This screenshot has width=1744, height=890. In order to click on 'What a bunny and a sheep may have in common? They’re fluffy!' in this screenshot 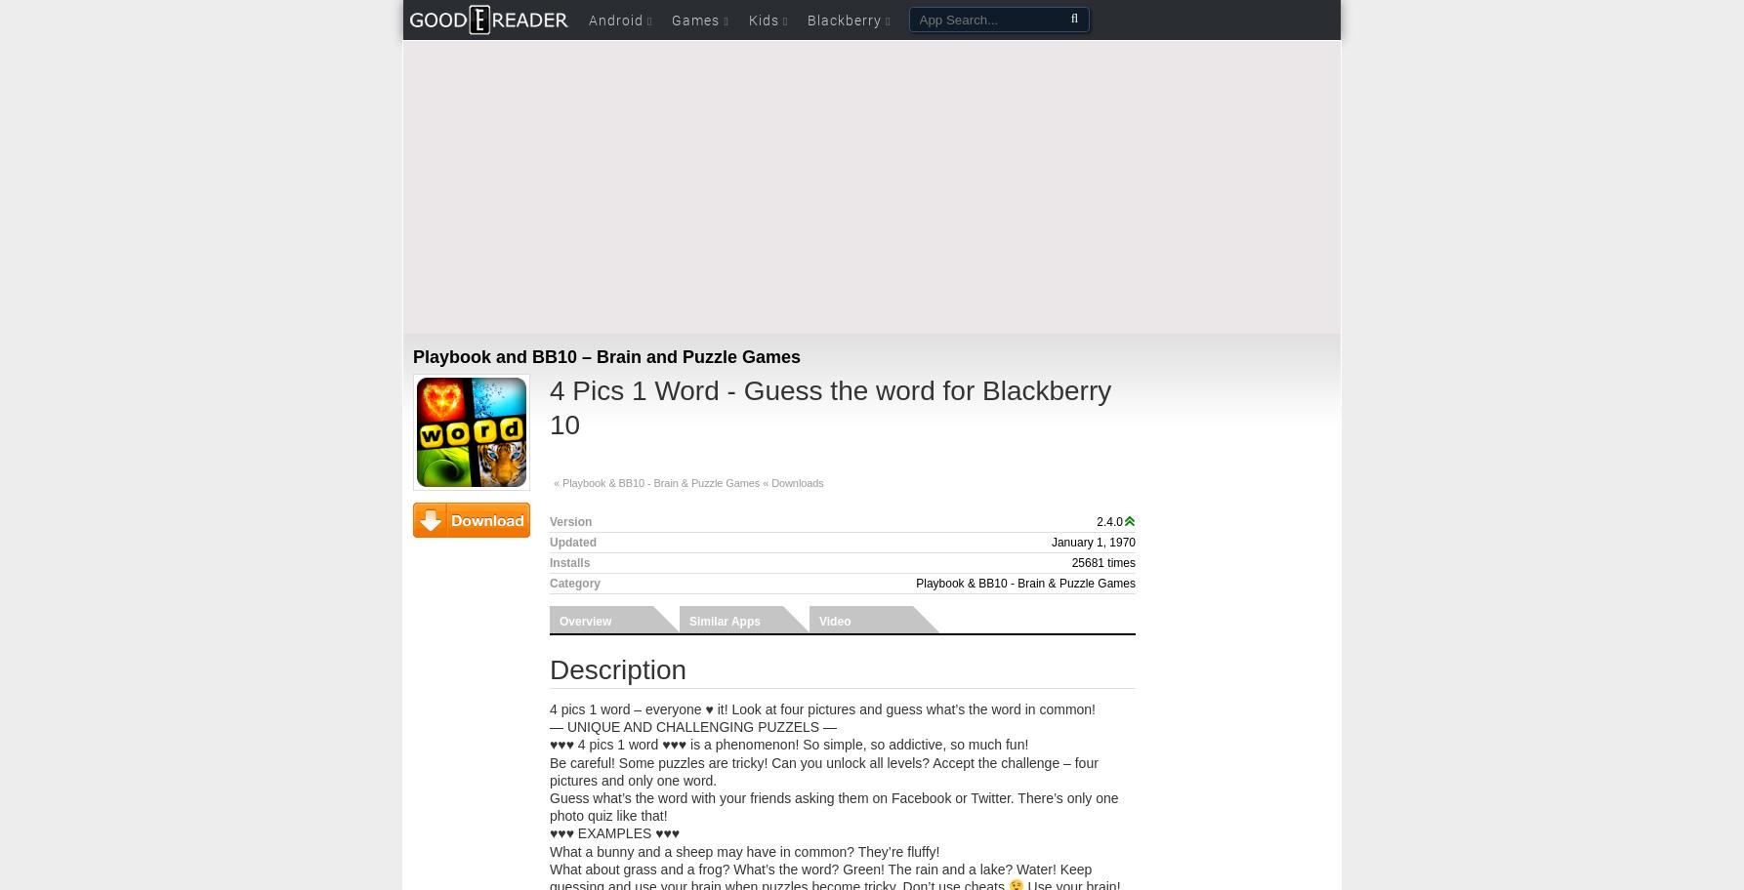, I will do `click(743, 850)`.